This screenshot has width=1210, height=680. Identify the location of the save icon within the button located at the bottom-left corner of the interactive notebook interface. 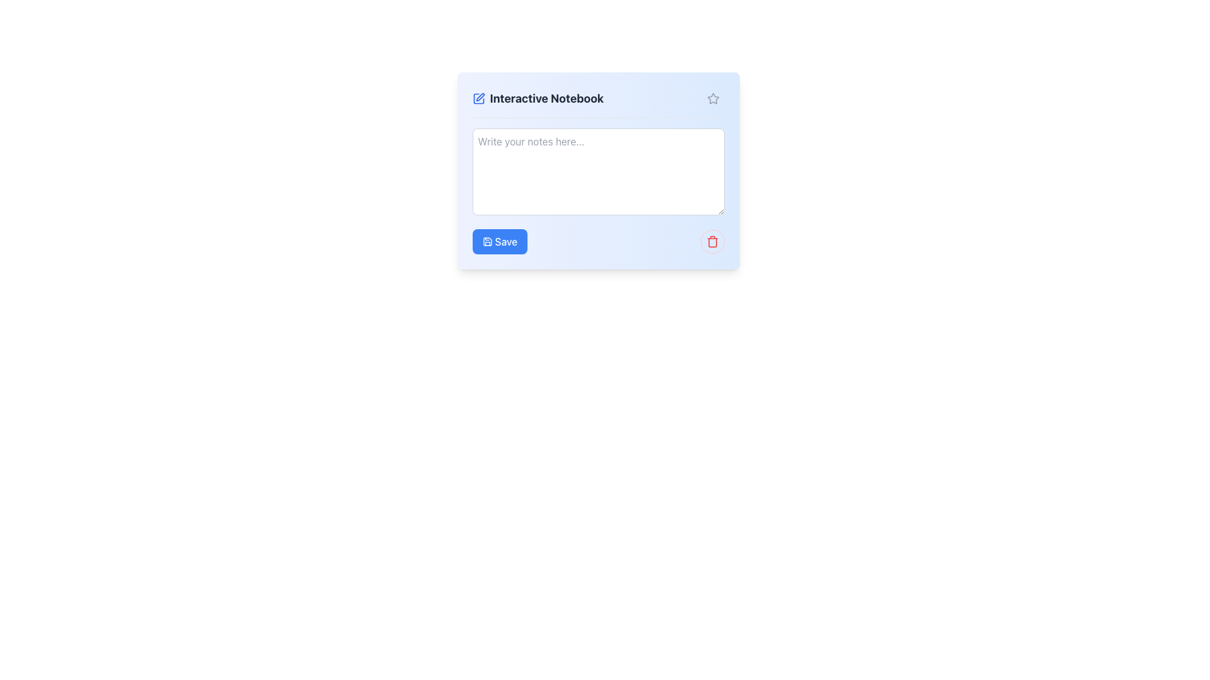
(487, 242).